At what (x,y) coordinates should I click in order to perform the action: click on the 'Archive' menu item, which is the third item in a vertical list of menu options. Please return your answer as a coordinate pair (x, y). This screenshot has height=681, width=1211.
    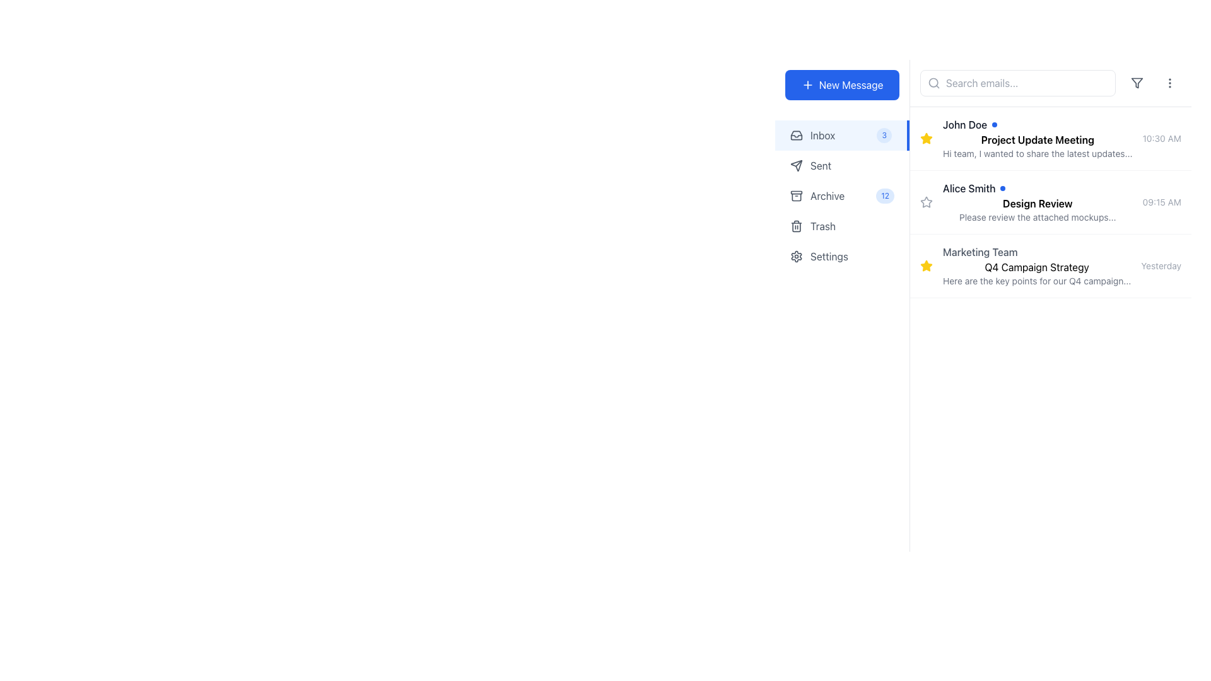
    Looking at the image, I should click on (842, 196).